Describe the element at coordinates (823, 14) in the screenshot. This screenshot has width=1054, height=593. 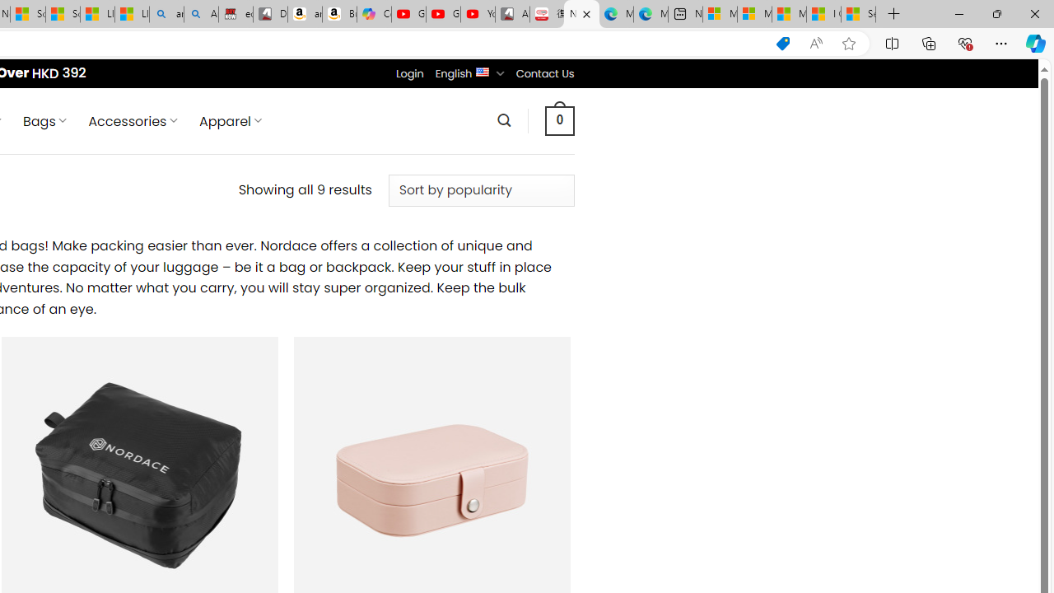
I see `'I Gained 20 Pounds of Muscle in 30 Days! | Watch'` at that location.